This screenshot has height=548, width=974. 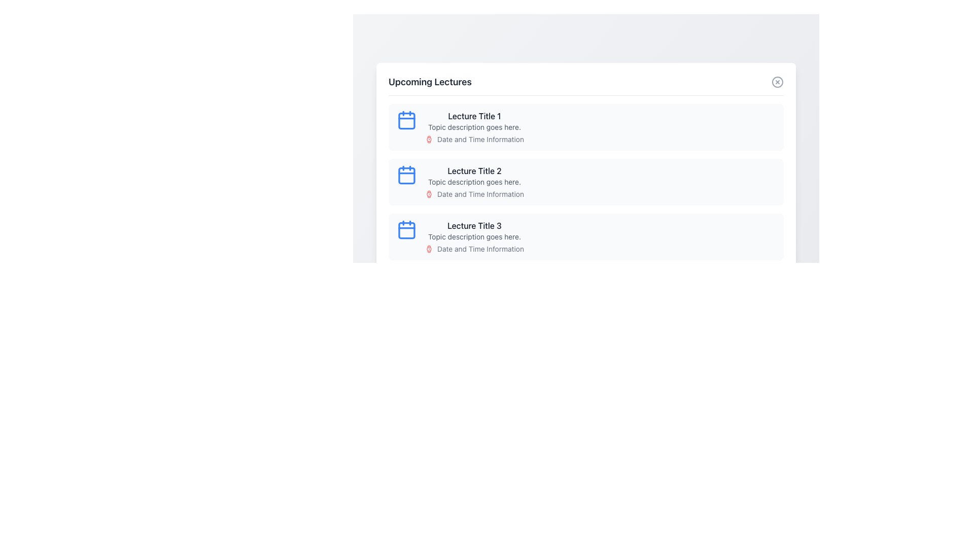 What do you see at coordinates (429, 194) in the screenshot?
I see `the time indicator icon located next to the 'Date and Time Information' text for the second lecture` at bounding box center [429, 194].